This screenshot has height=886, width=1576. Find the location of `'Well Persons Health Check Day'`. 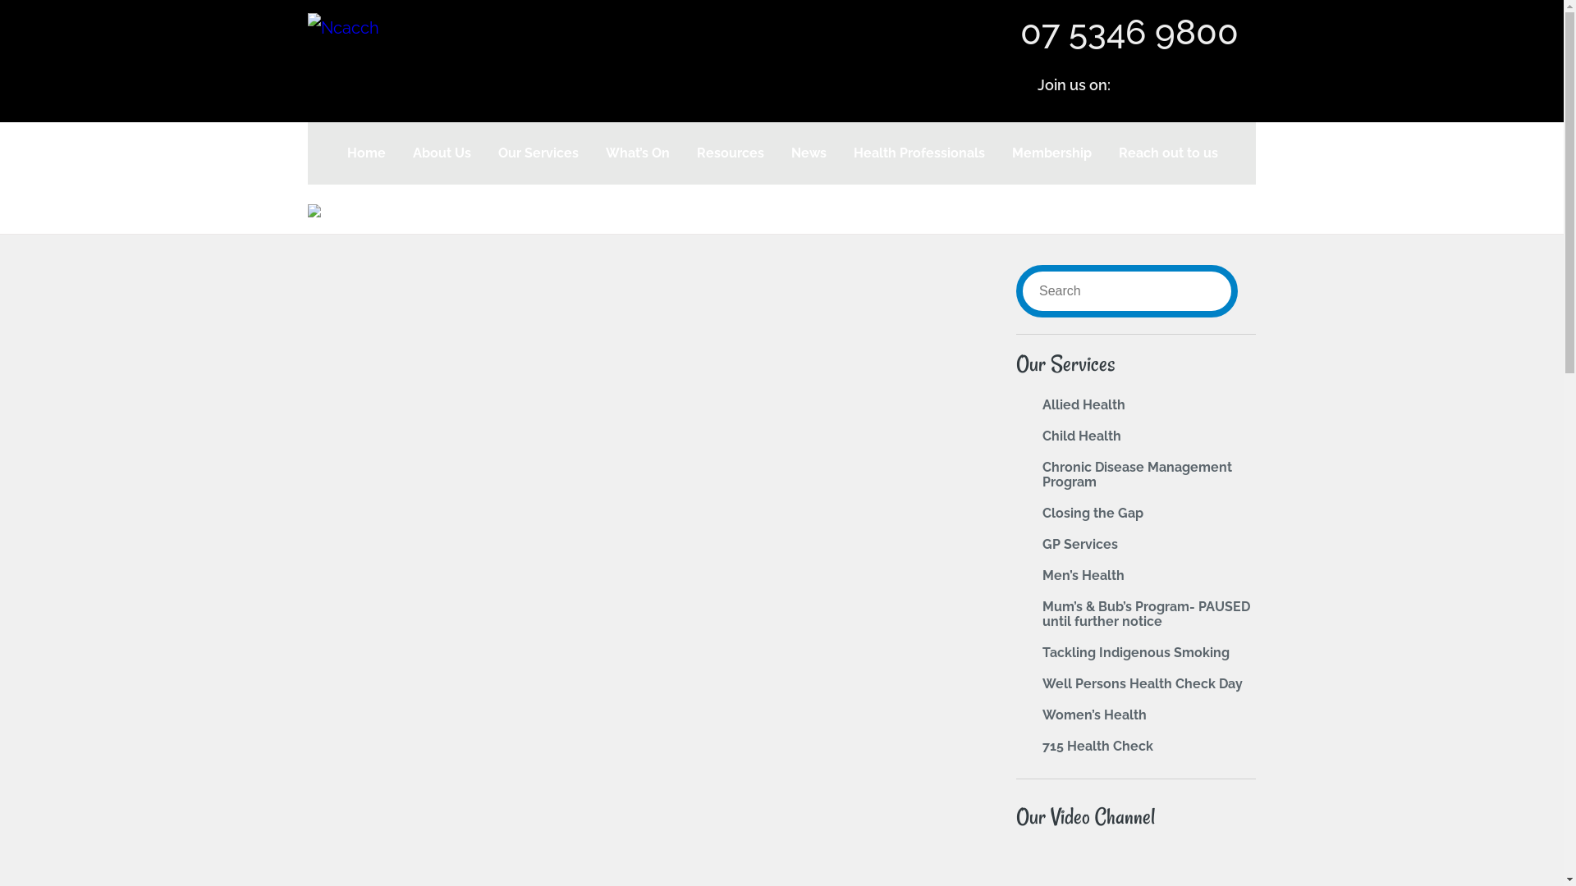

'Well Persons Health Check Day' is located at coordinates (1142, 683).